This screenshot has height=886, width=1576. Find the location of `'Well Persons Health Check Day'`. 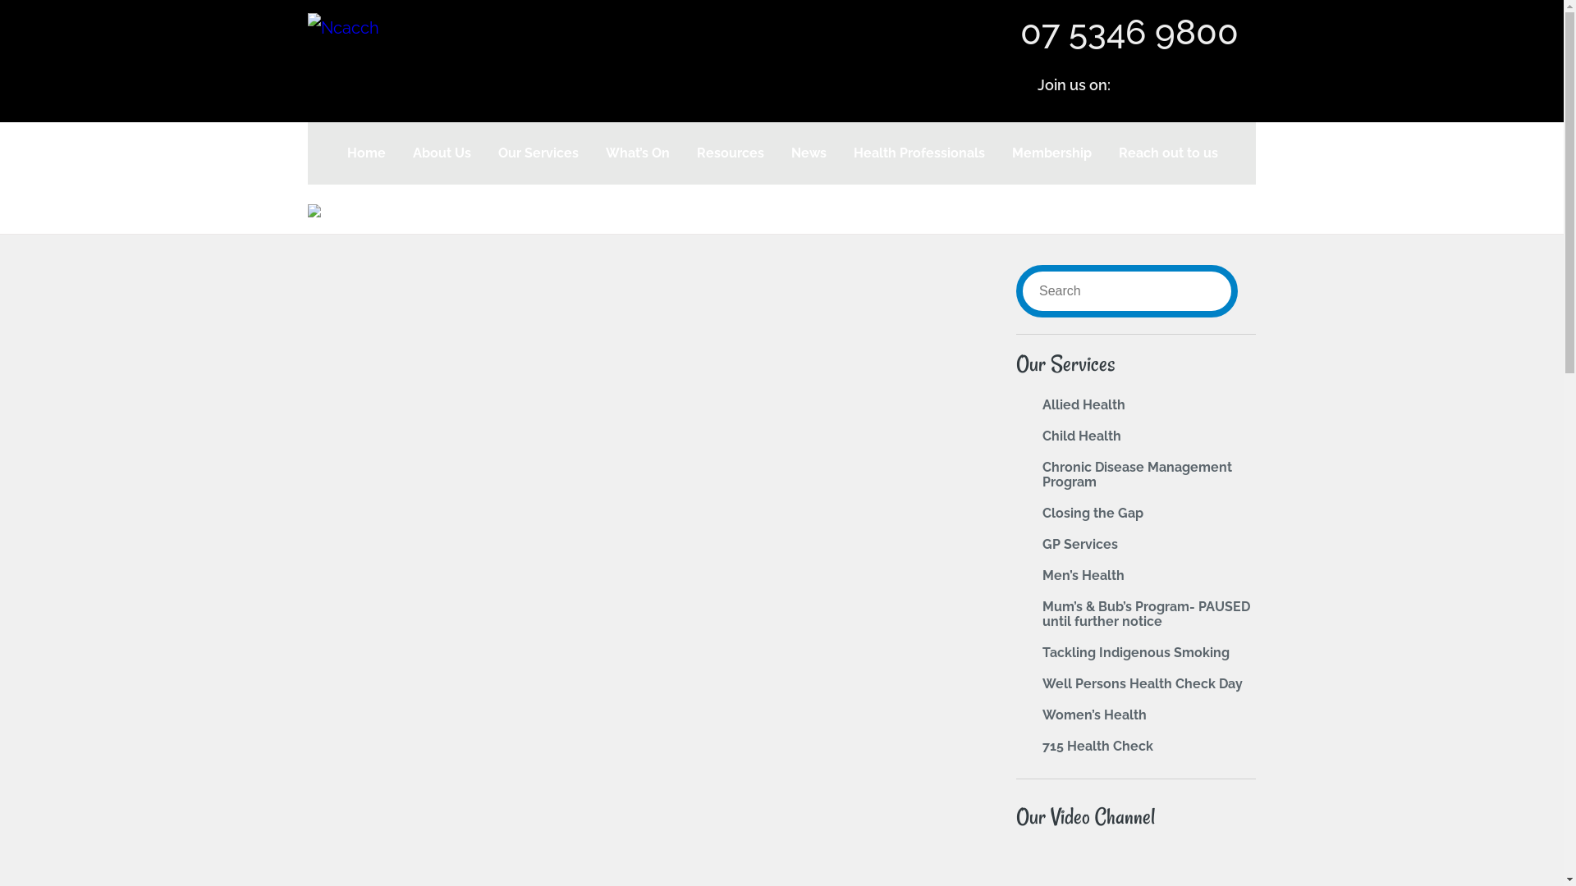

'Well Persons Health Check Day' is located at coordinates (1142, 683).